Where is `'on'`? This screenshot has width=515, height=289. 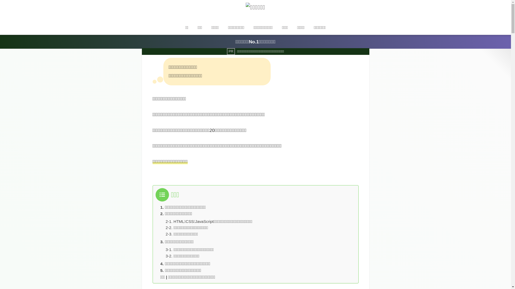 'on' is located at coordinates (2, 2).